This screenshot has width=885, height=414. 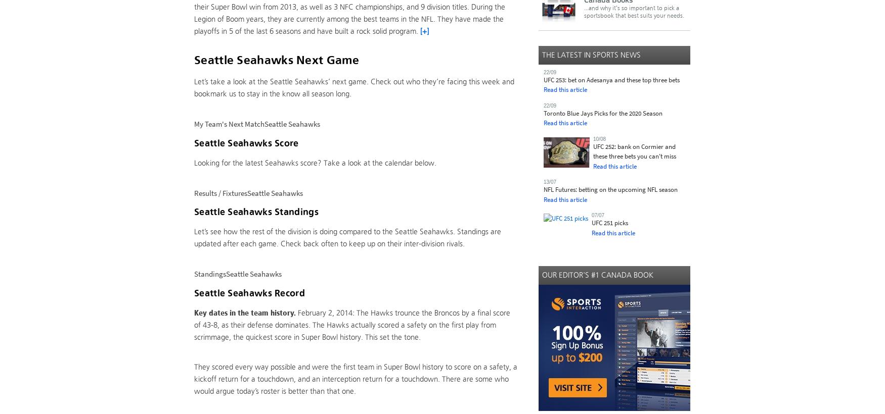 What do you see at coordinates (420, 31) in the screenshot?
I see `'[+]'` at bounding box center [420, 31].